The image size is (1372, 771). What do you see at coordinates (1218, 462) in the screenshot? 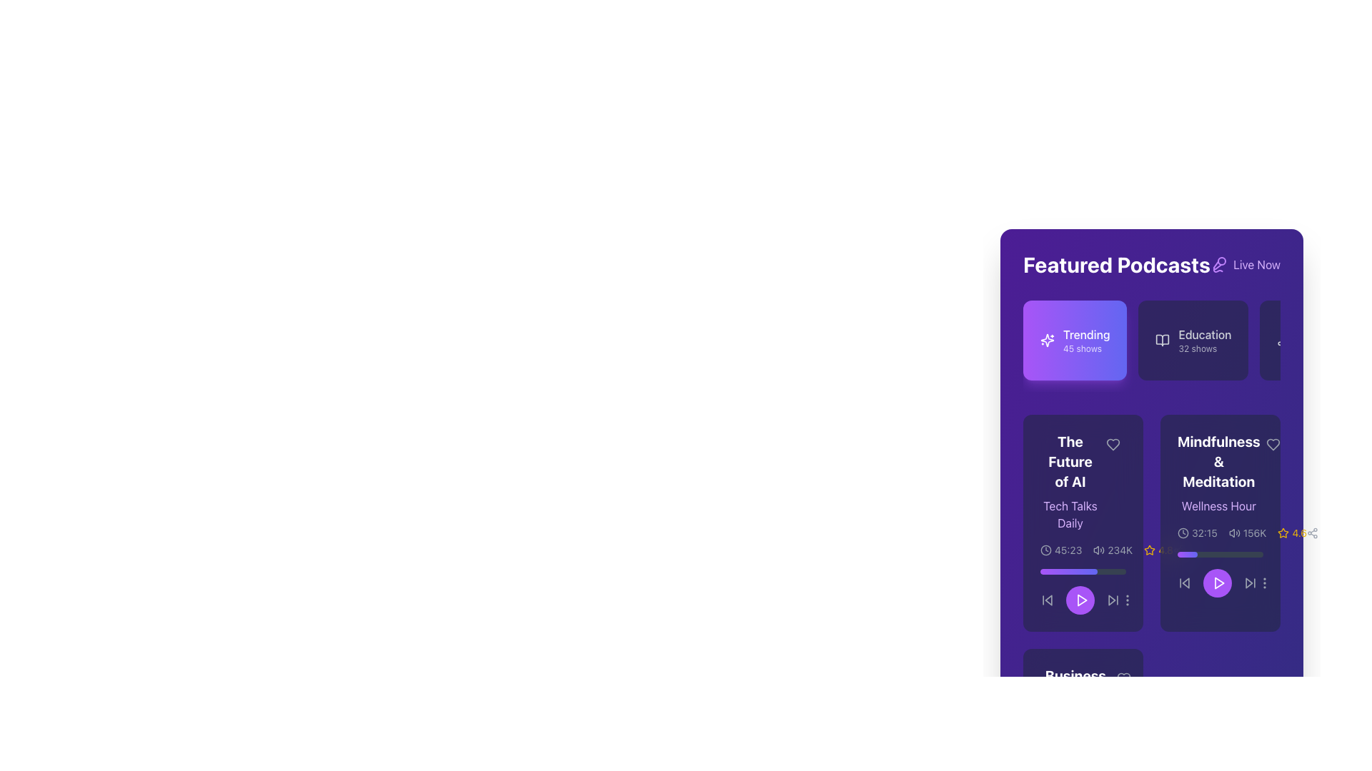
I see `text of the Text label that displays 'Mindfulness & Meditation' in bold white text on a deep purple background, located in the right column of the 'Featured Podcasts' section, above the smaller text 'Wellness Hour'` at bounding box center [1218, 462].